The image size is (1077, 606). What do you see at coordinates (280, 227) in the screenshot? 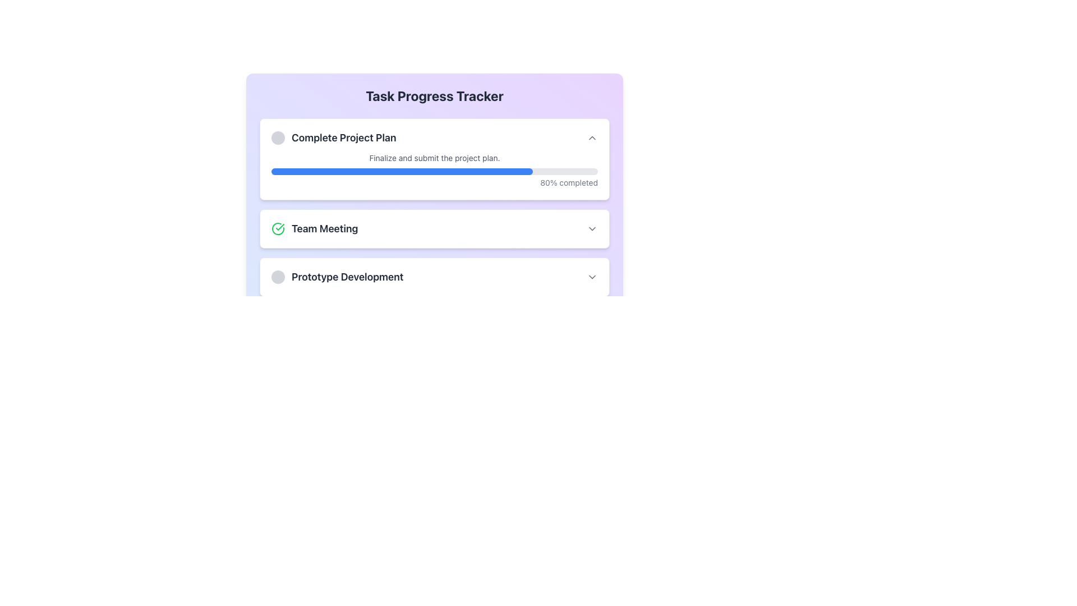
I see `the circular icon indicating the completion of the 'Team Meeting' task, located on the left side of the second task item from the top` at bounding box center [280, 227].